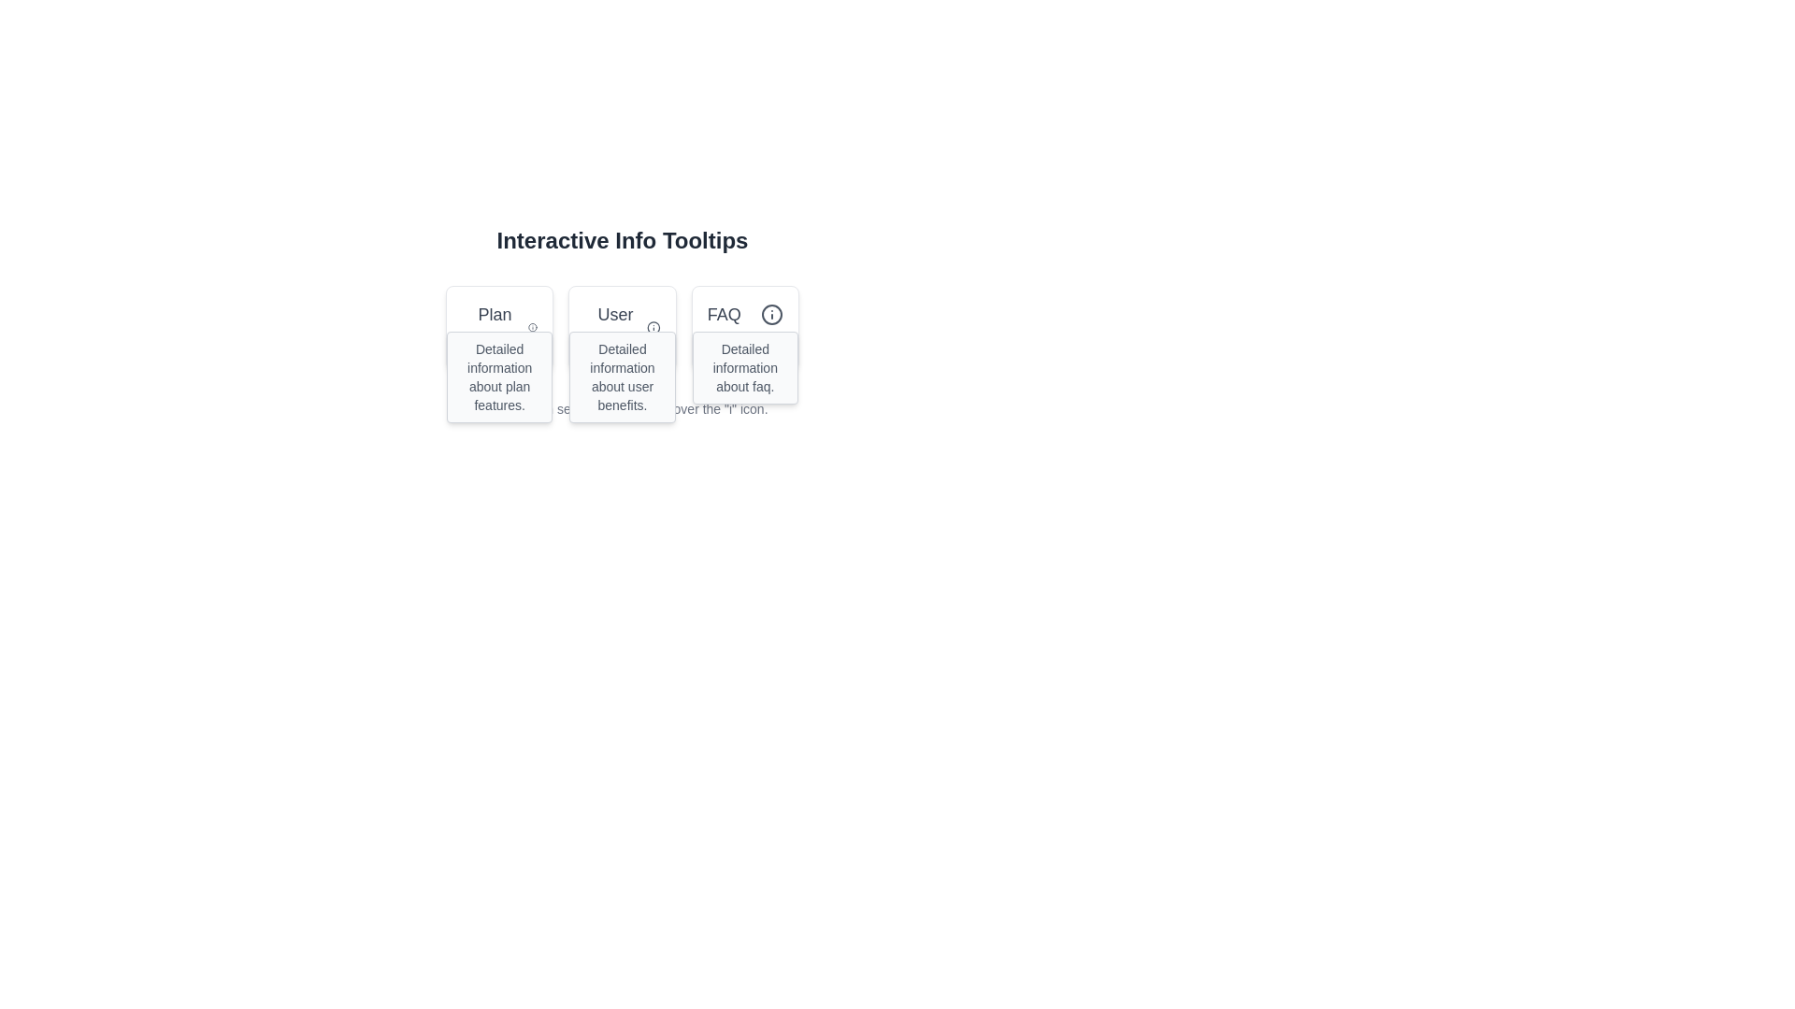  I want to click on the 'FAQ' text or the adjacent information icon to trigger the tooltip for more details, so click(744, 313).